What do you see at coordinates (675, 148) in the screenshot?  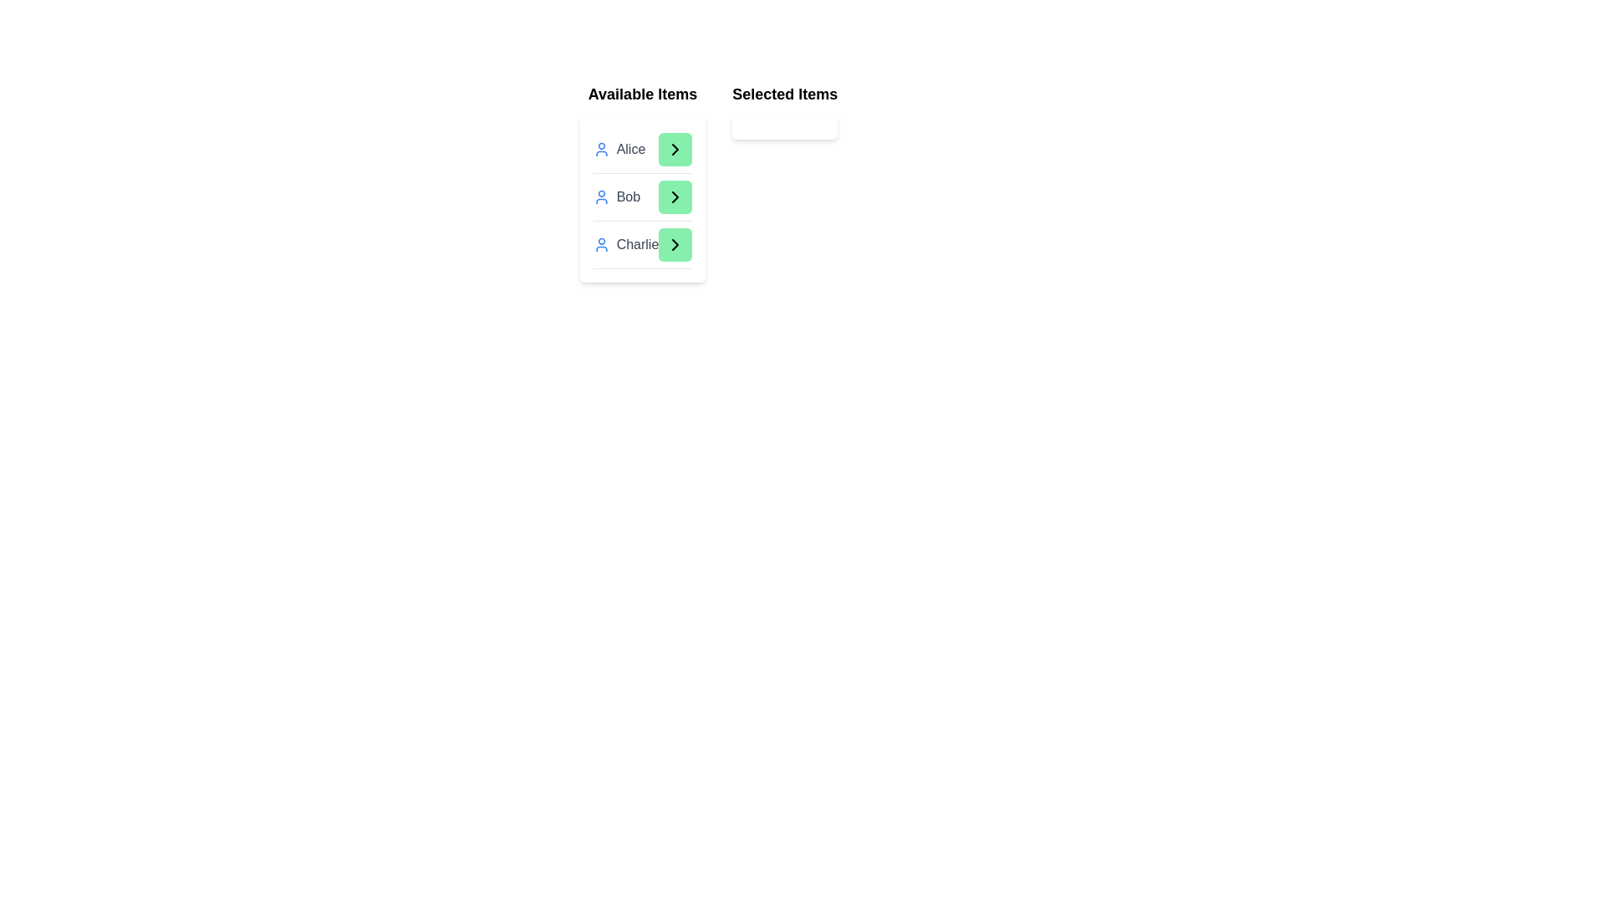 I see `the transfer icon next to Alice to move it to the other list` at bounding box center [675, 148].